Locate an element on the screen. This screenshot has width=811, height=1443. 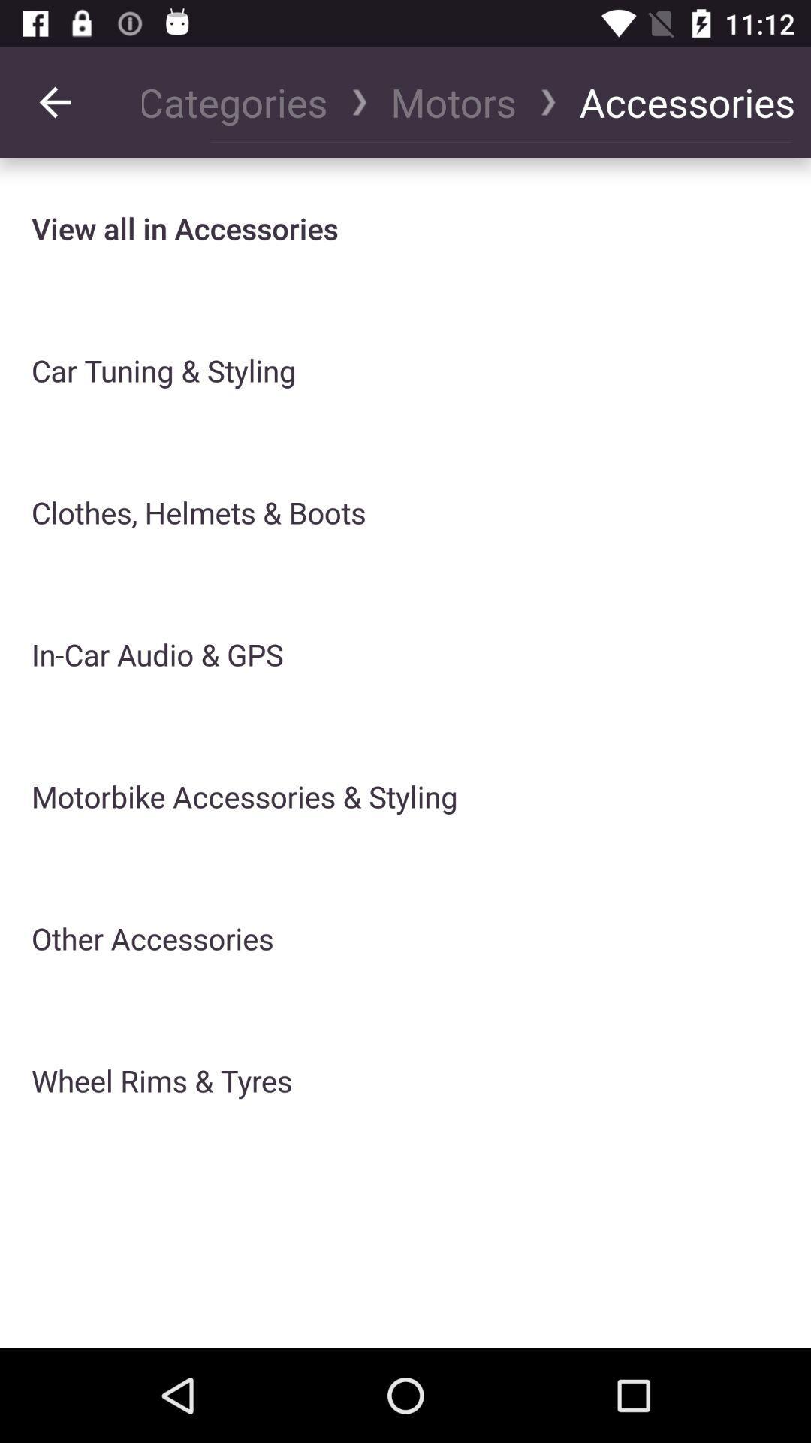
item above the motorbike accessories & styling item is located at coordinates (453, 101).